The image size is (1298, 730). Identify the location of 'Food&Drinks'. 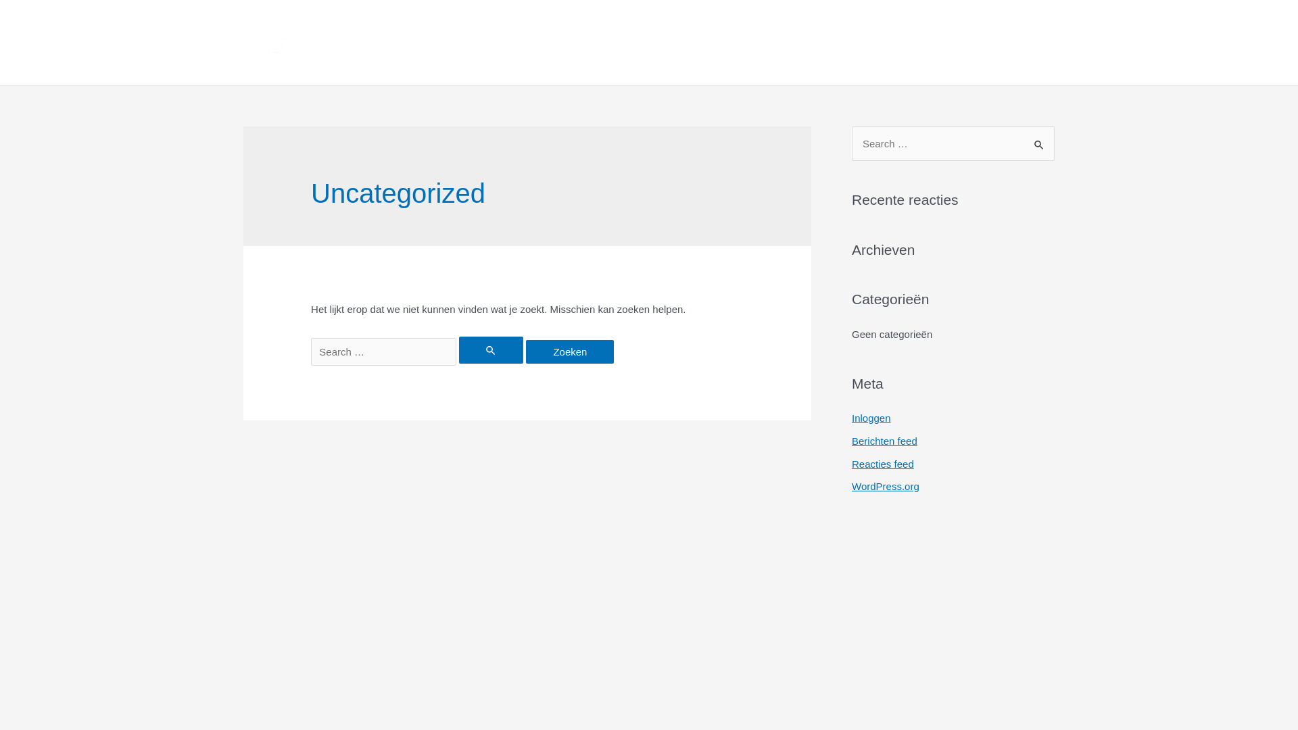
(588, 41).